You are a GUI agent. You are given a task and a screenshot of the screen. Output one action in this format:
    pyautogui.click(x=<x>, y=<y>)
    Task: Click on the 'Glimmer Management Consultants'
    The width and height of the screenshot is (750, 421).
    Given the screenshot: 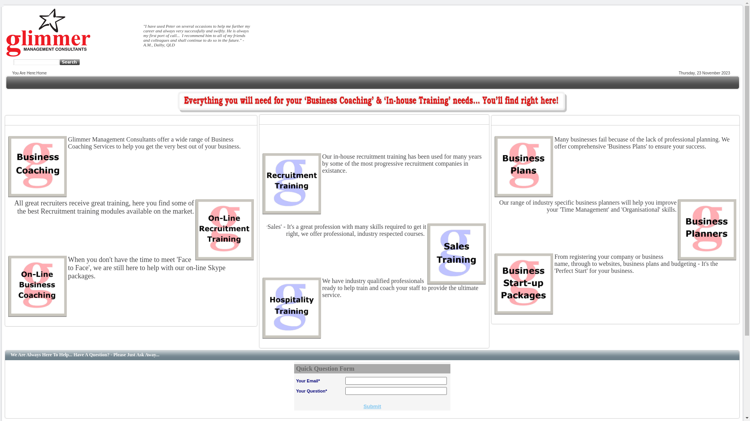 What is the action you would take?
    pyautogui.click(x=48, y=57)
    